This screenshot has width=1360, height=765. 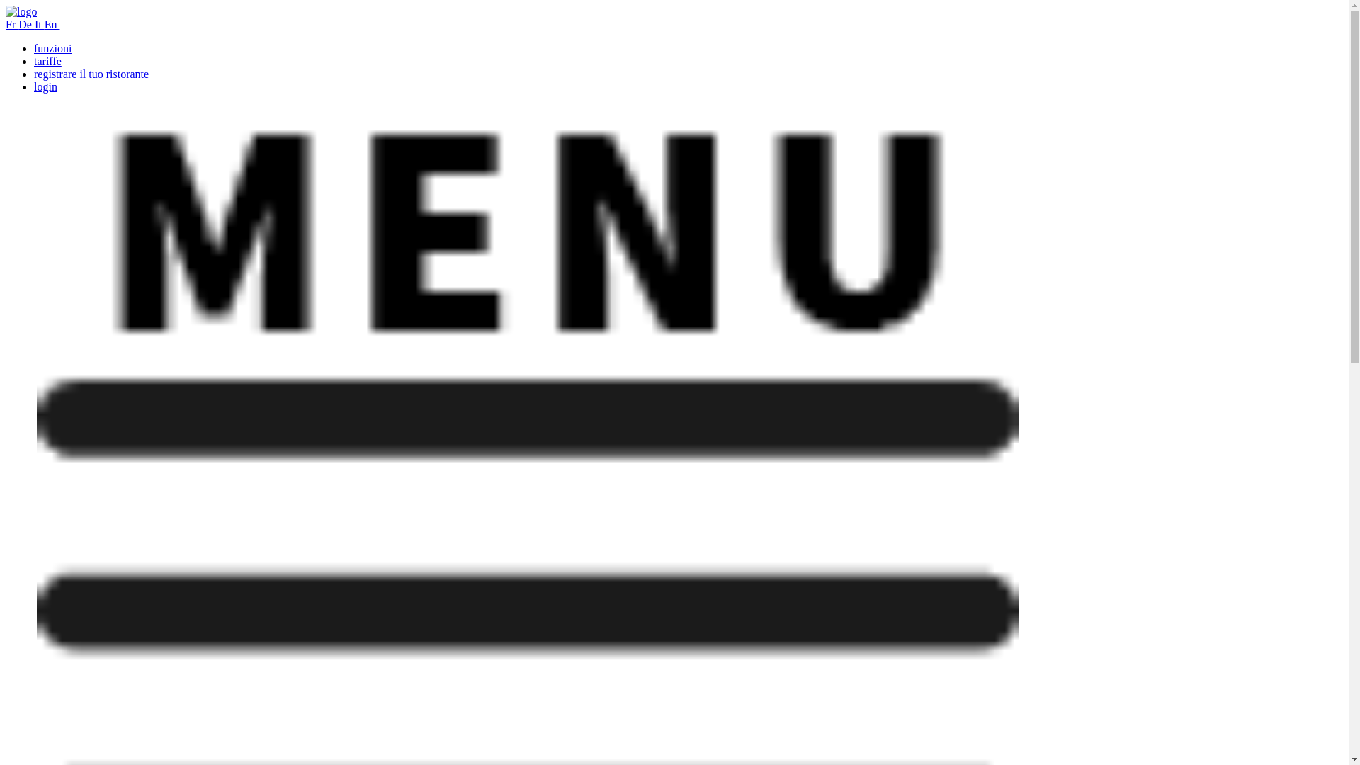 What do you see at coordinates (52, 47) in the screenshot?
I see `'funzioni'` at bounding box center [52, 47].